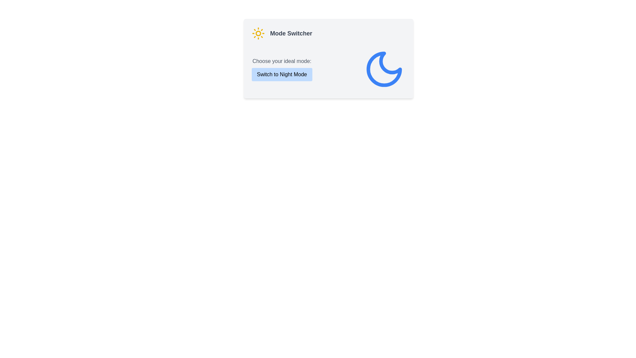 The height and width of the screenshot is (358, 636). I want to click on the 'Switch to Night Mode' button located within the Composite component that includes the label 'Choose your ideal mode:', so click(282, 69).